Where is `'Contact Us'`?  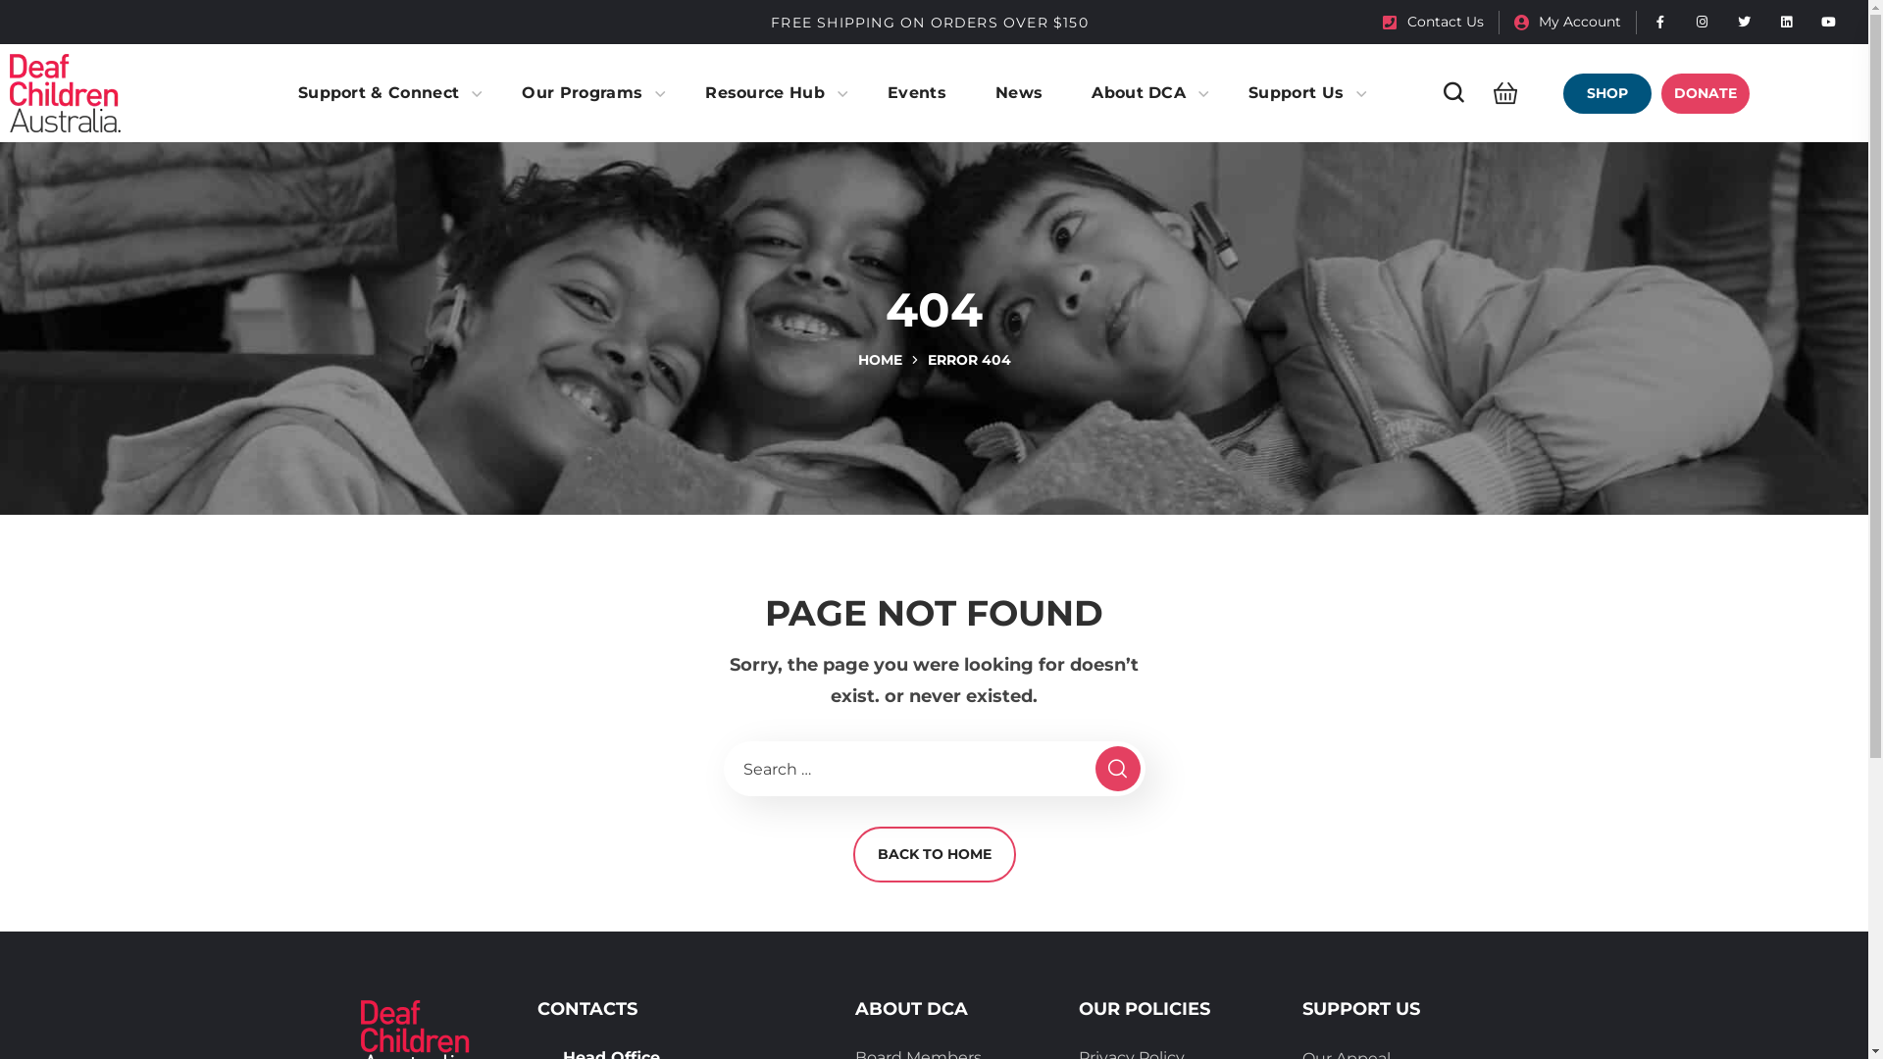
'Contact Us' is located at coordinates (1433, 22).